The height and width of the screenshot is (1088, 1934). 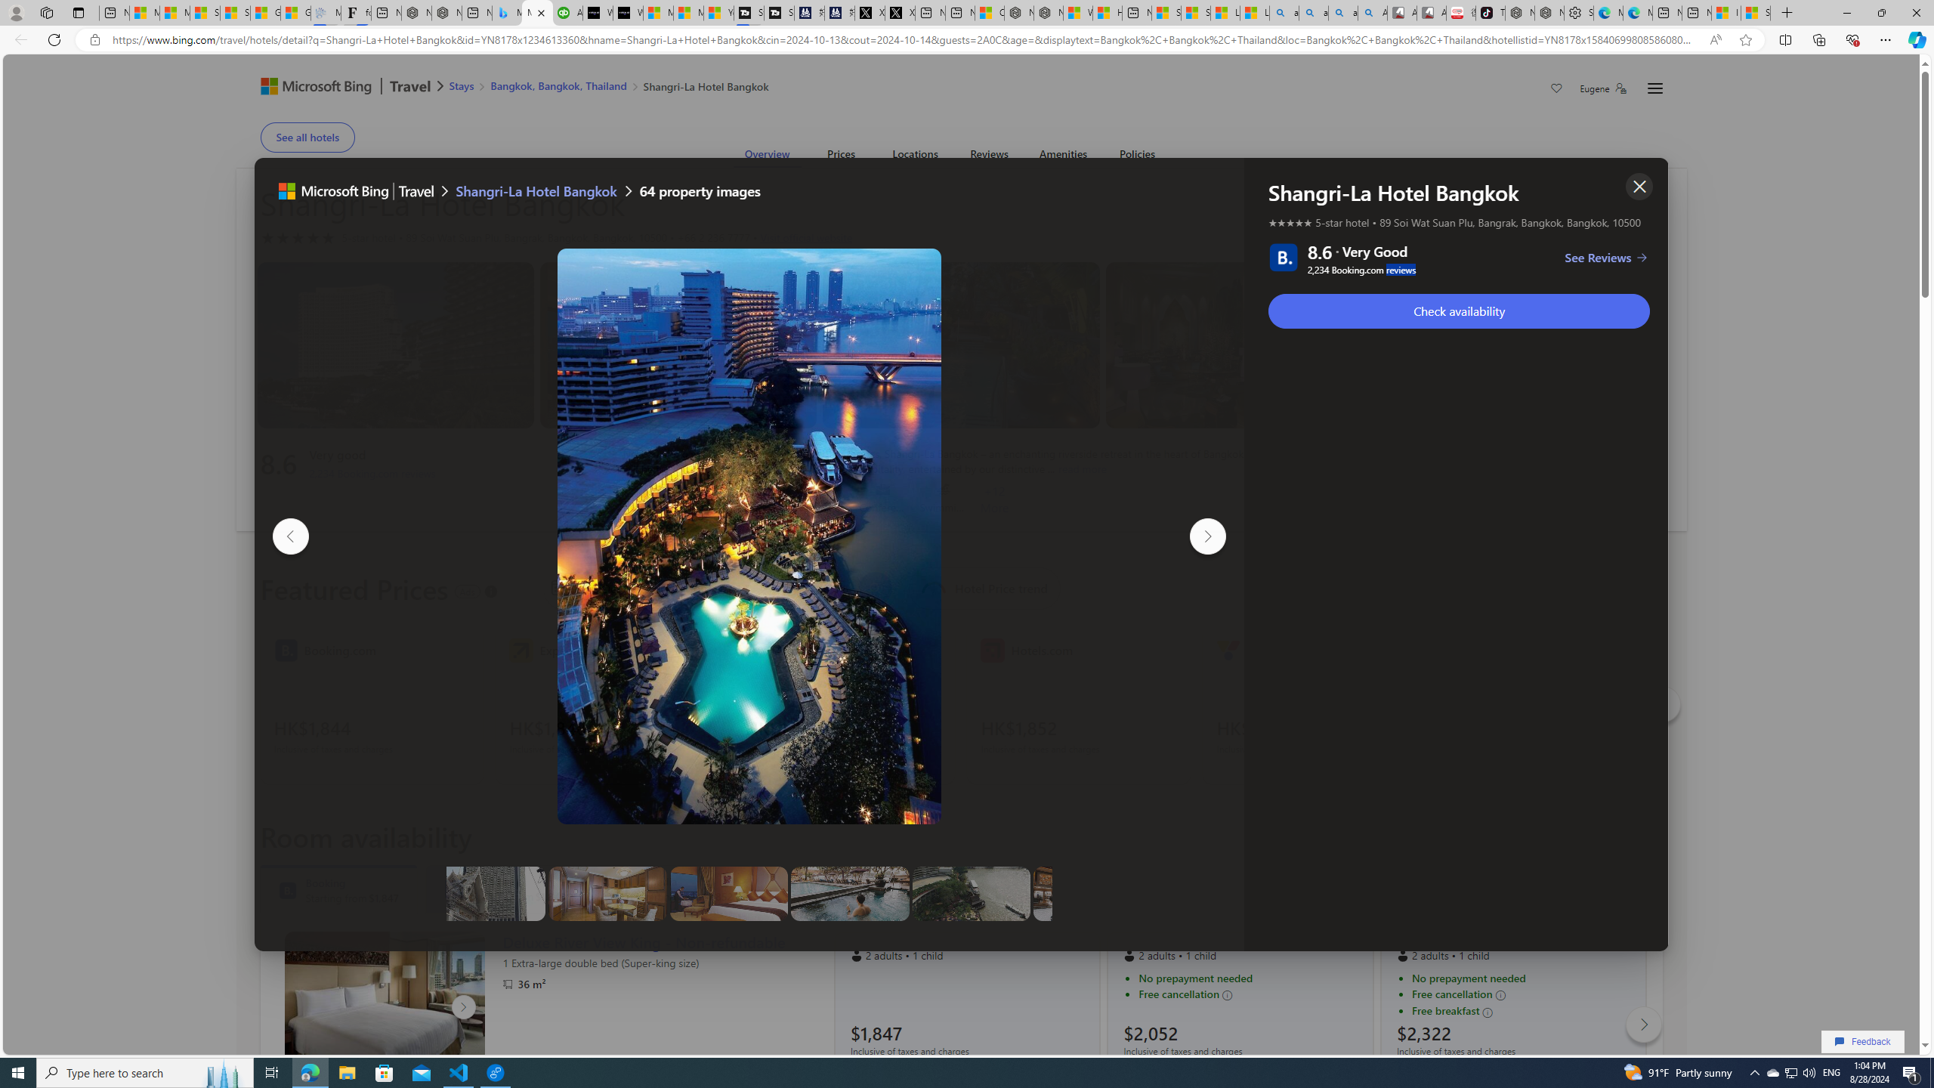 I want to click on 'TikTok', so click(x=1490, y=12).